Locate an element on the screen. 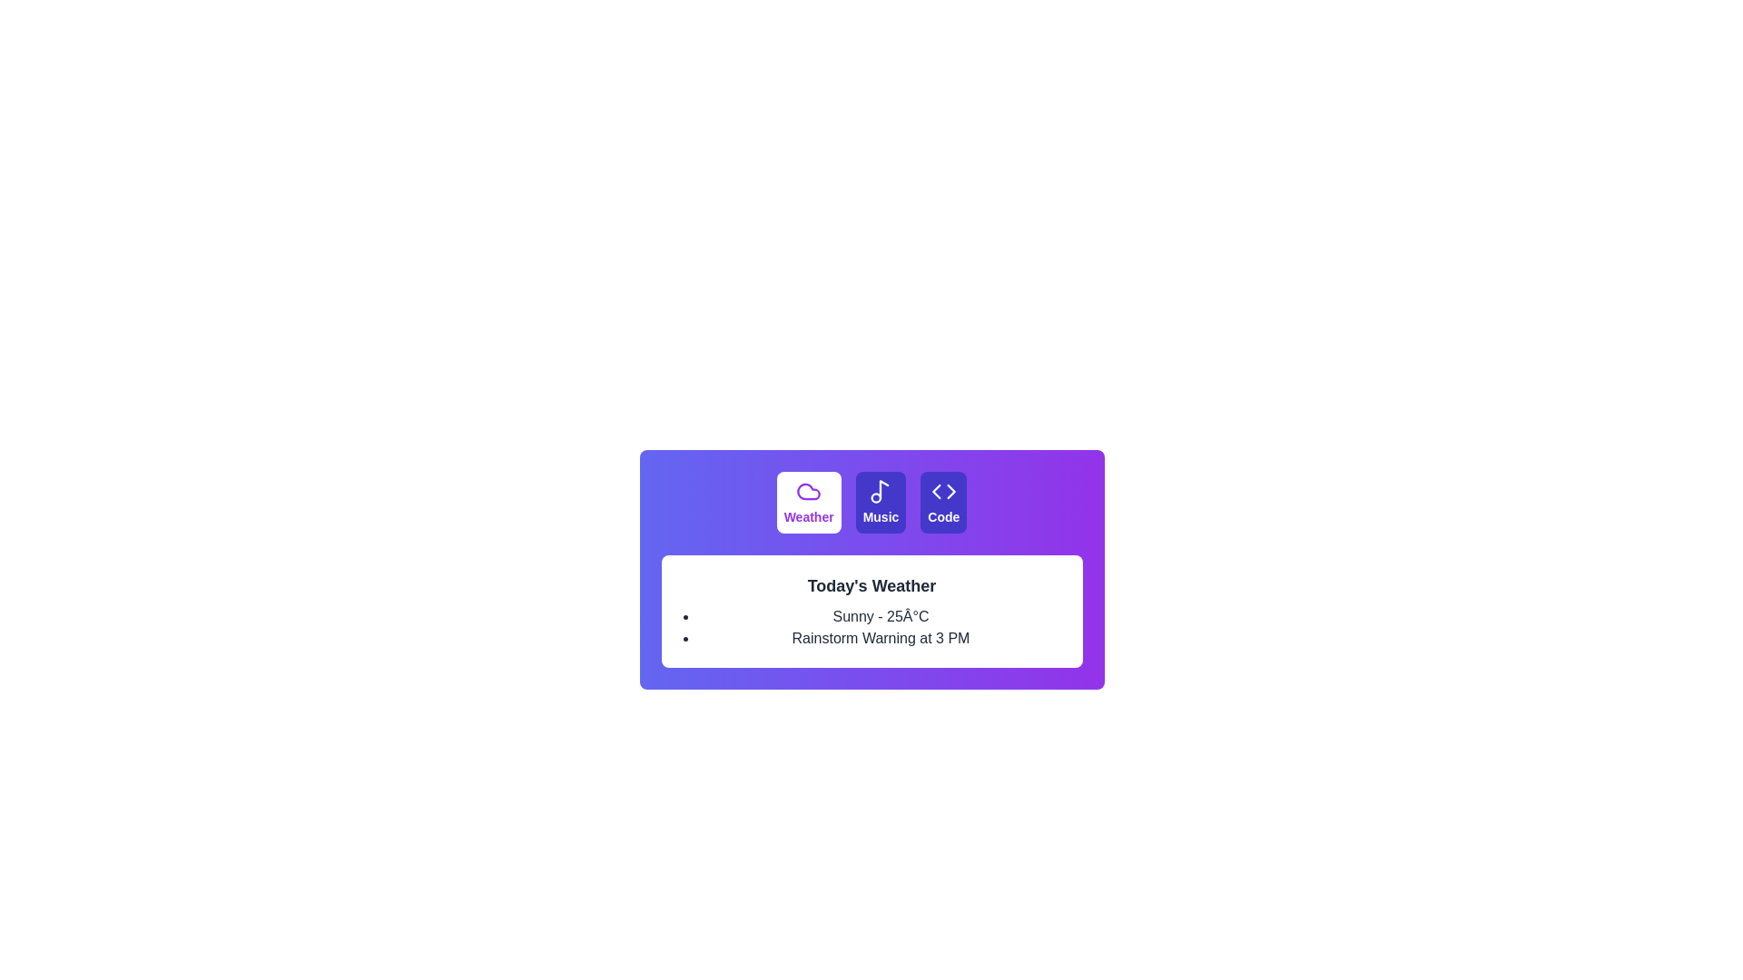 This screenshot has height=980, width=1743. the text block displaying key weather information is located at coordinates (871, 612).